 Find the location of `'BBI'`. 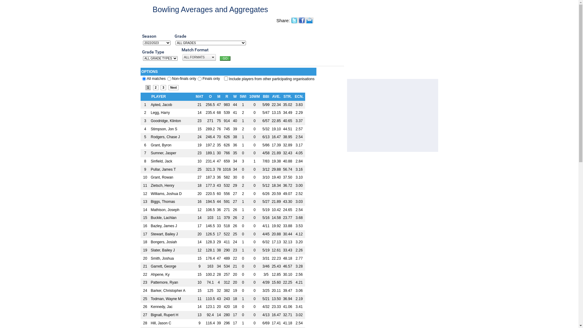

'BBI' is located at coordinates (266, 96).